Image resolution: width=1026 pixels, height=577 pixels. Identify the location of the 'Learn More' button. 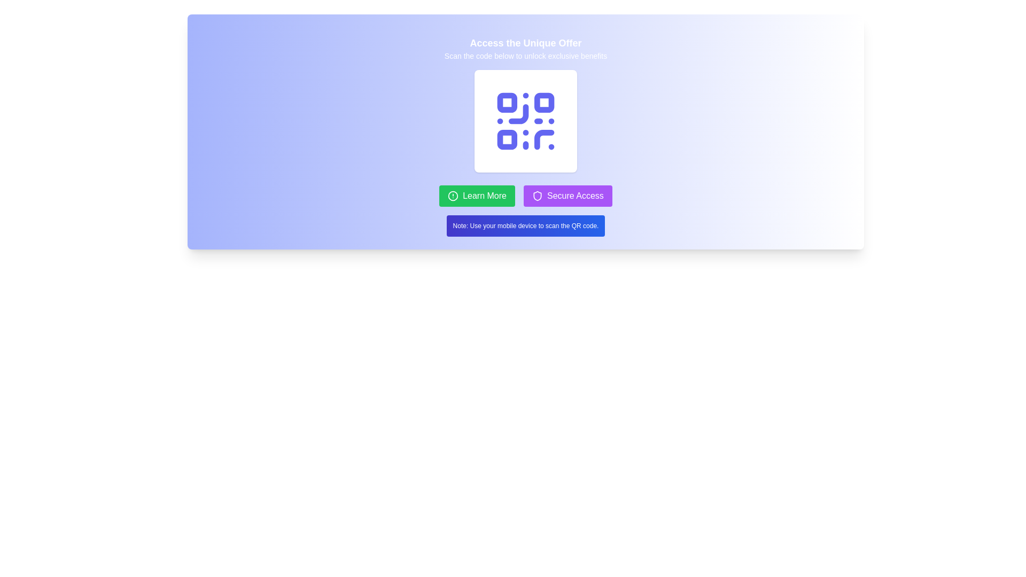
(477, 196).